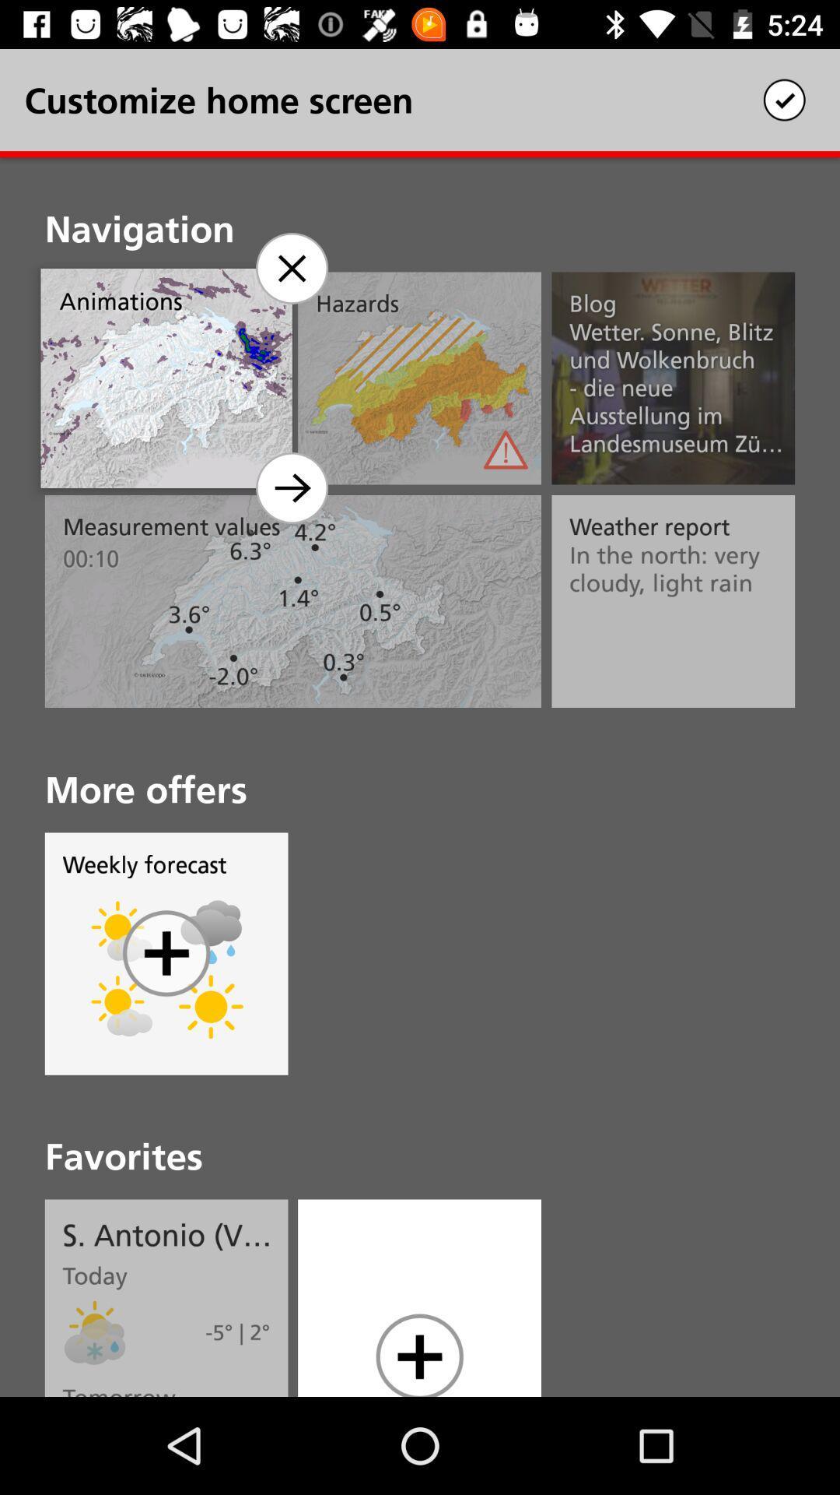 This screenshot has width=840, height=1495. What do you see at coordinates (673, 378) in the screenshot?
I see `the third image which is next to hazards image` at bounding box center [673, 378].